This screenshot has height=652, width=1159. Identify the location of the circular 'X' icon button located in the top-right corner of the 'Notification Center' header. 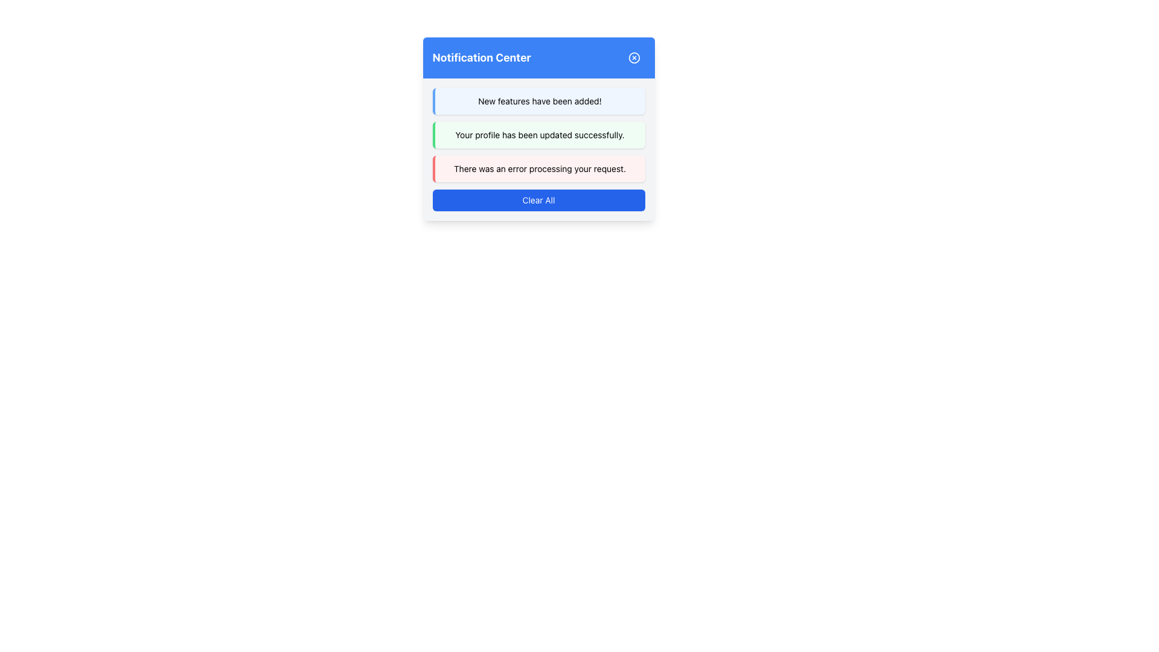
(633, 58).